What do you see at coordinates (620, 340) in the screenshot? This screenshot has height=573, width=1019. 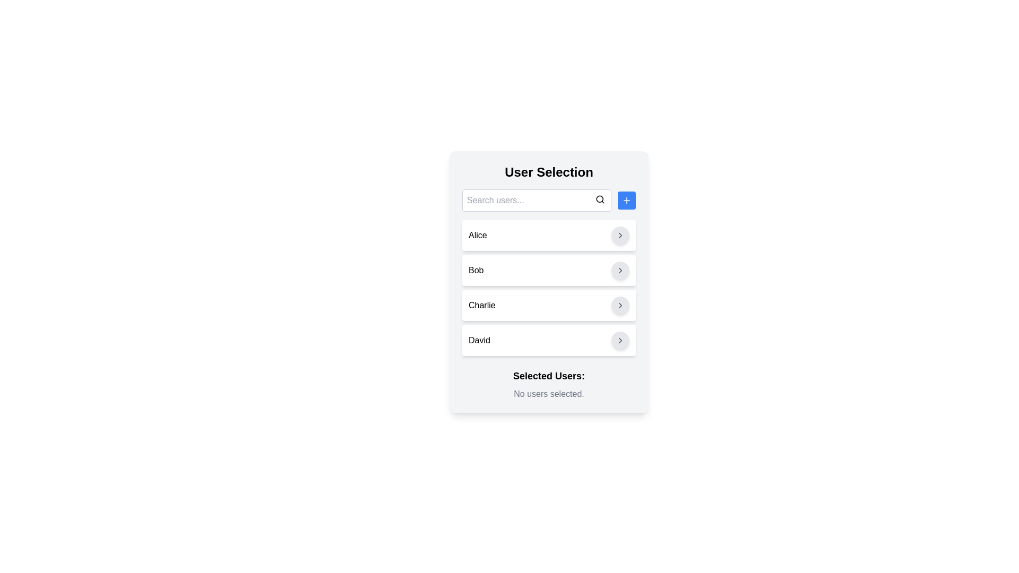 I see `the small right-pointing gray chevron icon located inside the rounded button aligned to the right of the text 'David' in the user selection list` at bounding box center [620, 340].